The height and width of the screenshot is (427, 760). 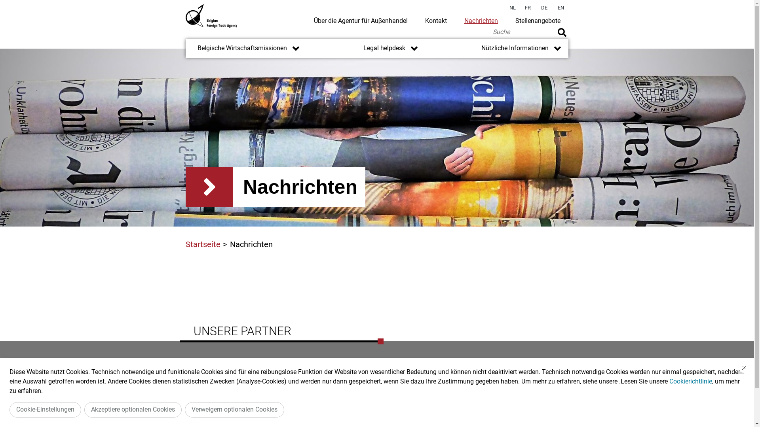 What do you see at coordinates (538, 20) in the screenshot?
I see `'Stellenangebote'` at bounding box center [538, 20].